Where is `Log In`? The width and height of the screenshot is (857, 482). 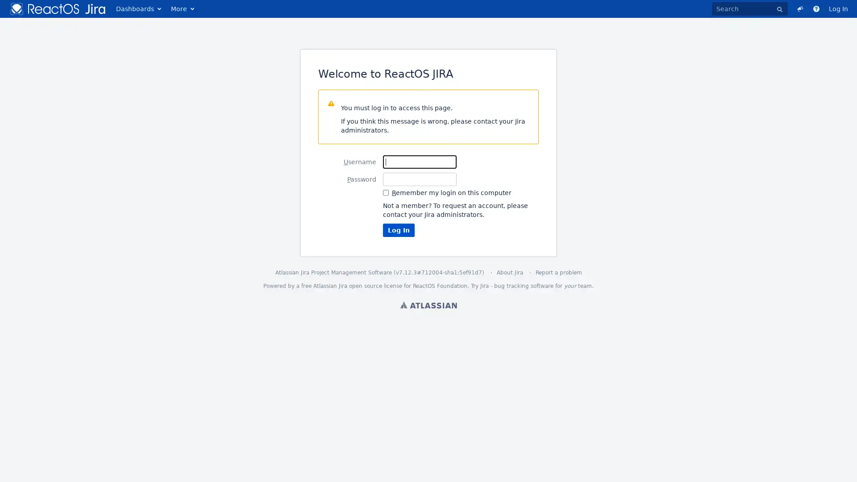 Log In is located at coordinates (398, 230).